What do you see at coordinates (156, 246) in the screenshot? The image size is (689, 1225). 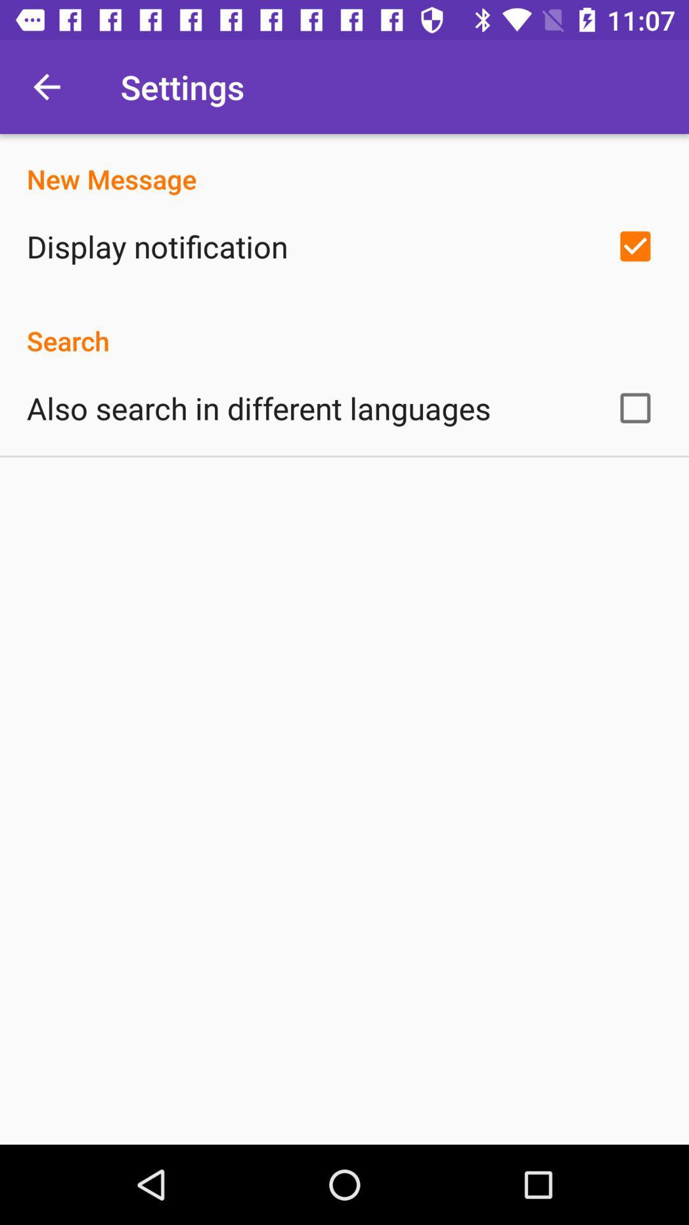 I see `item below new message` at bounding box center [156, 246].